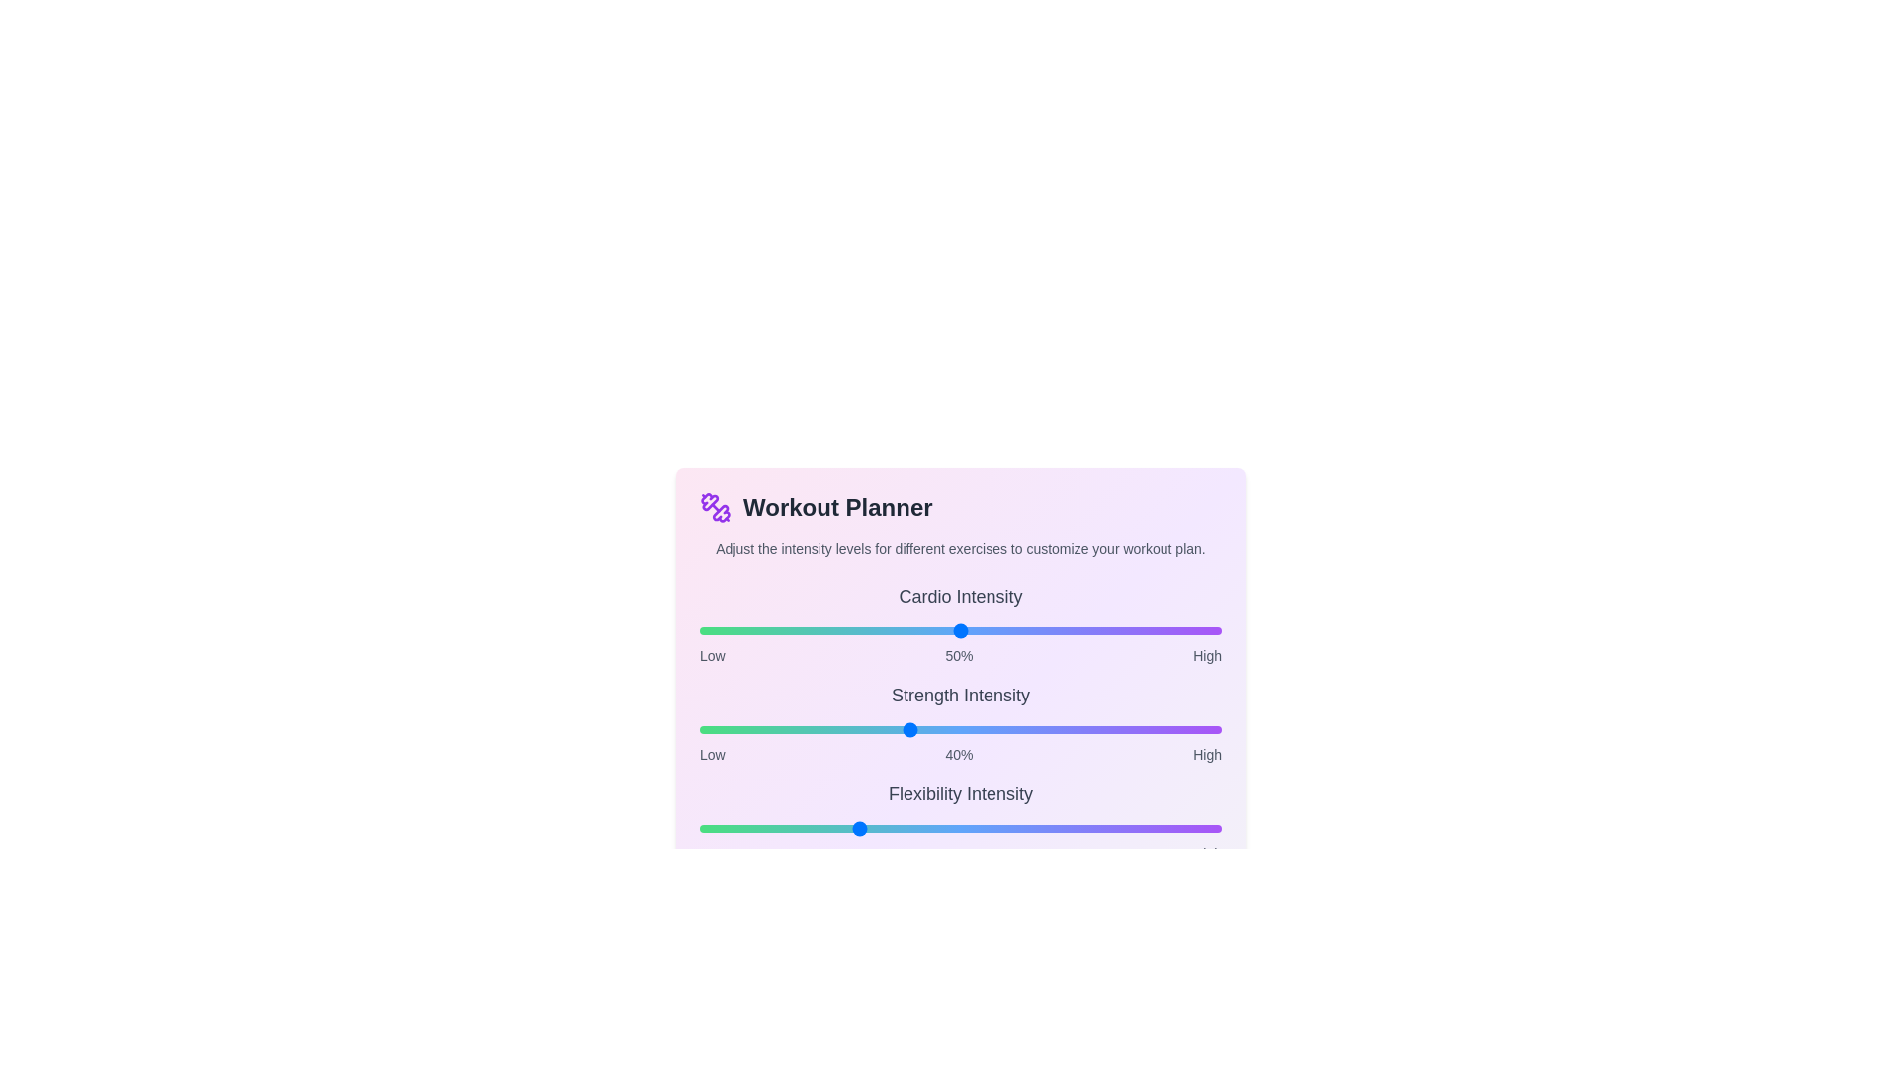 The width and height of the screenshot is (1898, 1067). Describe the element at coordinates (1122, 730) in the screenshot. I see `the intensity of the 1 slider to 81%` at that location.